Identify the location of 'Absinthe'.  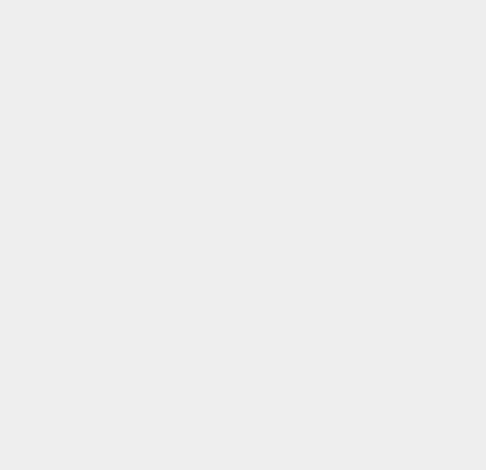
(356, 400).